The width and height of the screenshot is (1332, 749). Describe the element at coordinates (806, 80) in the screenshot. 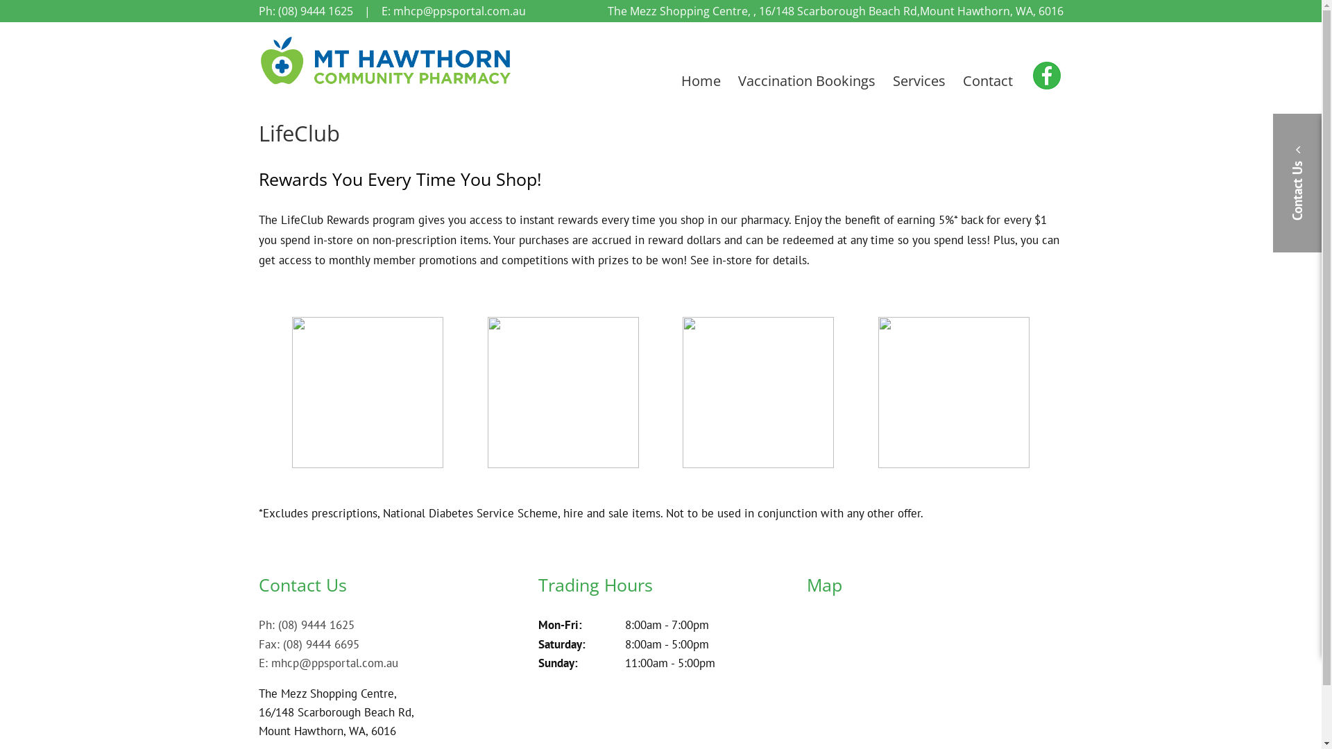

I see `'Vaccination Bookings'` at that location.